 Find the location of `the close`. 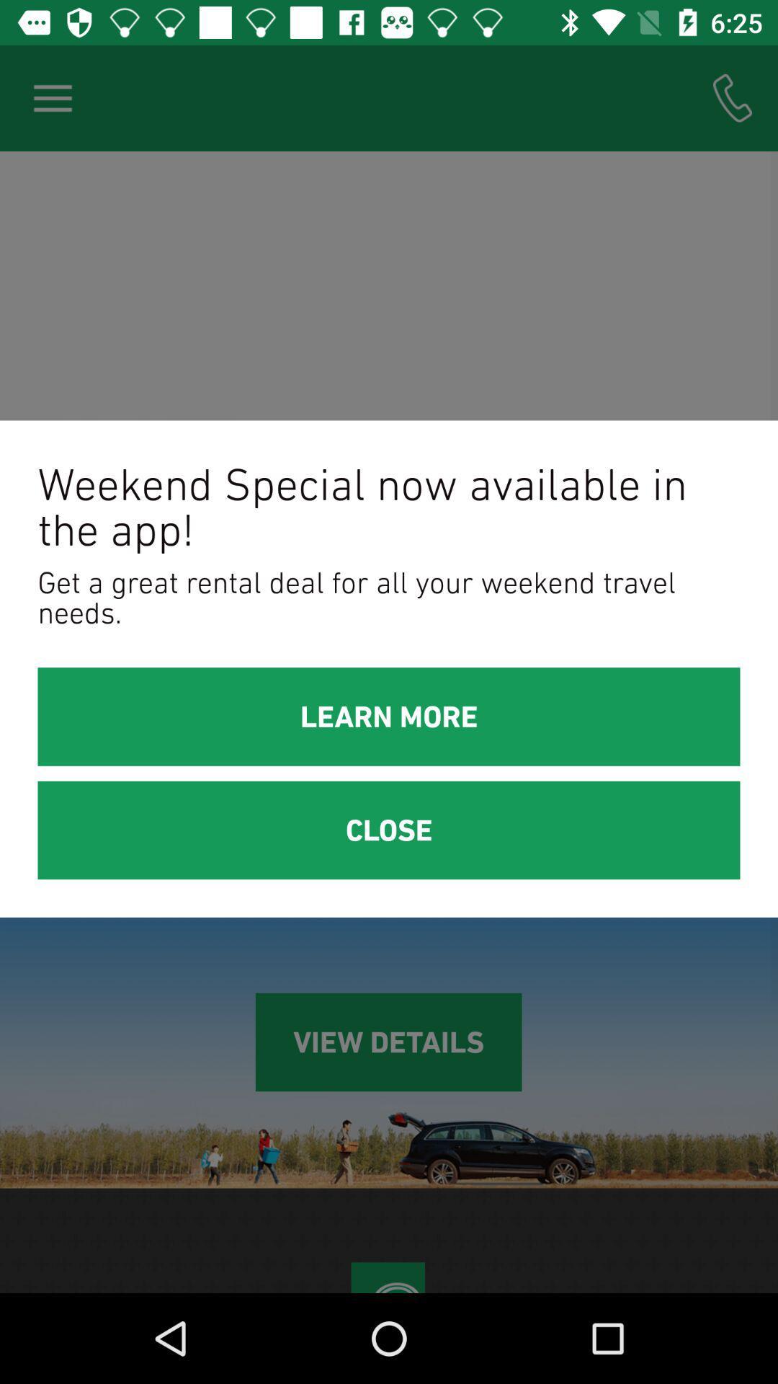

the close is located at coordinates (389, 830).